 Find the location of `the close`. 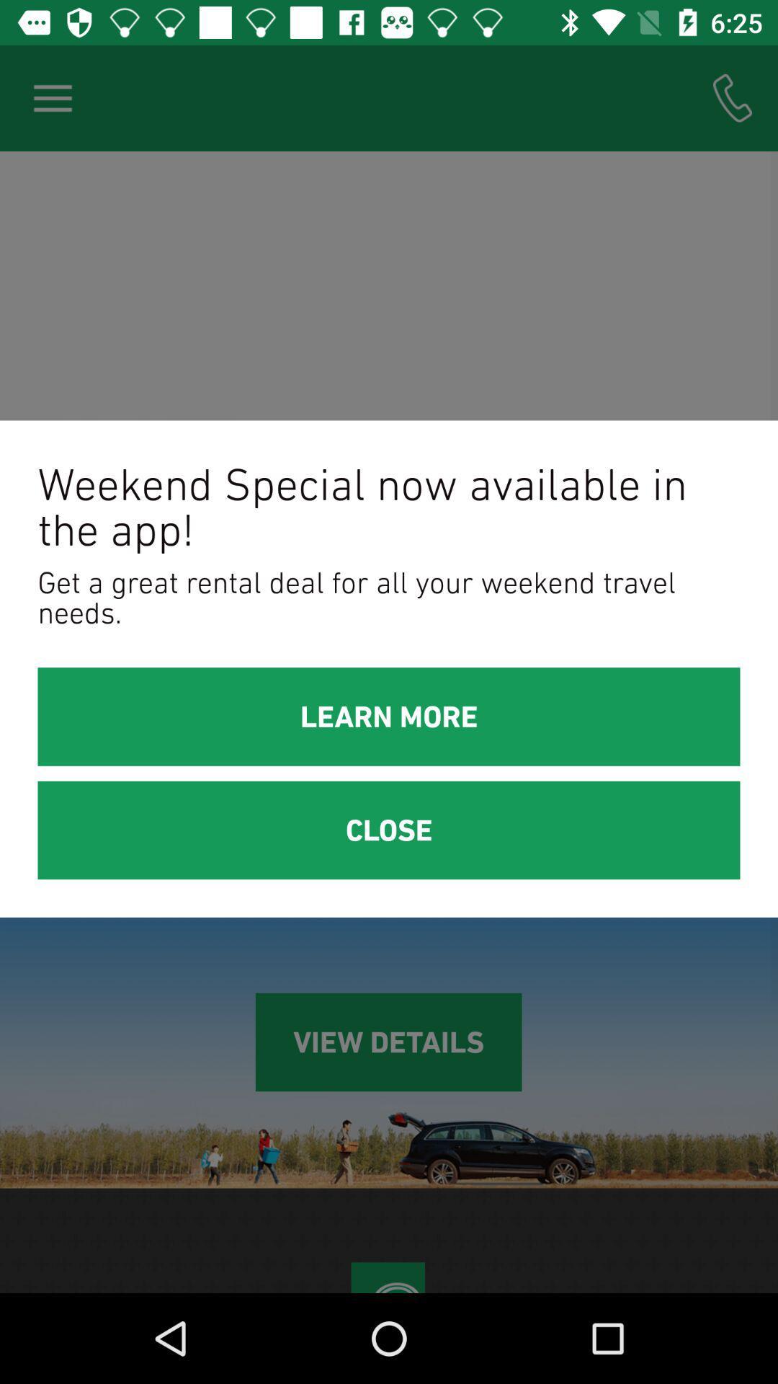

the close is located at coordinates (389, 830).